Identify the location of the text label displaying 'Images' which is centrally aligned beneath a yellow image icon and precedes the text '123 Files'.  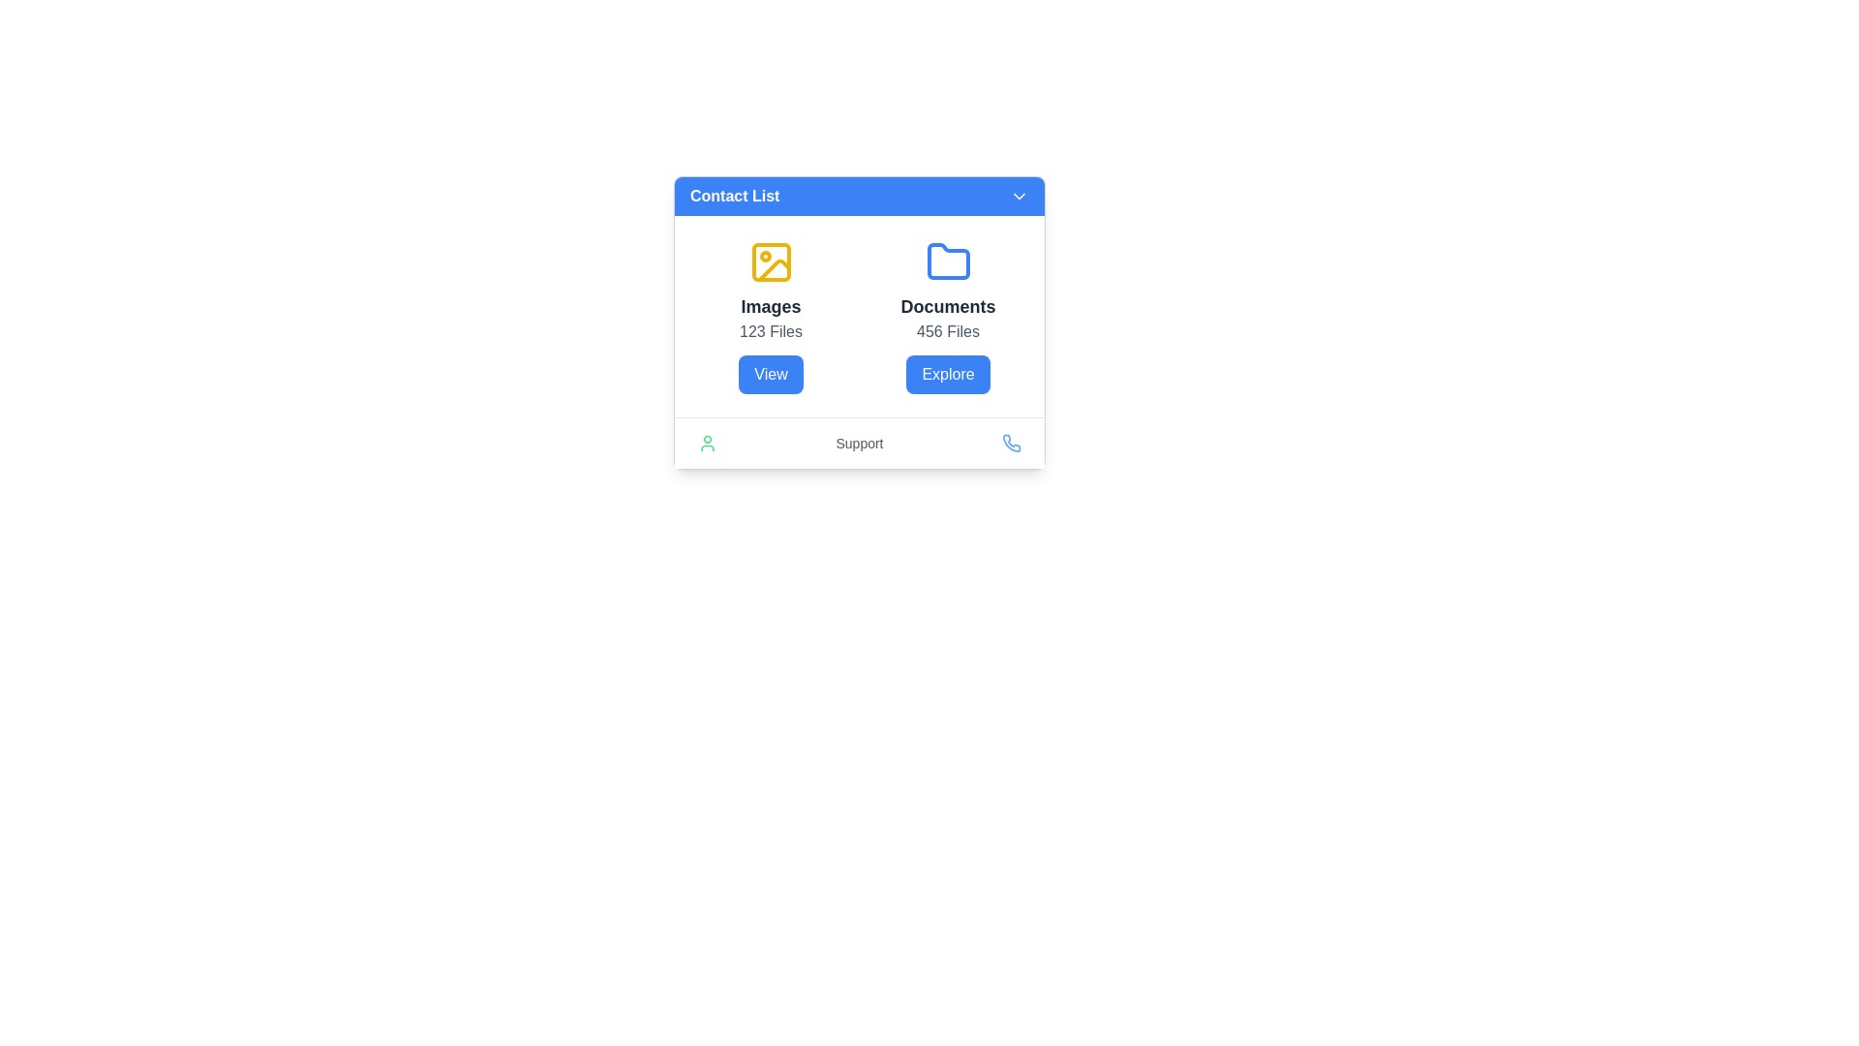
(770, 305).